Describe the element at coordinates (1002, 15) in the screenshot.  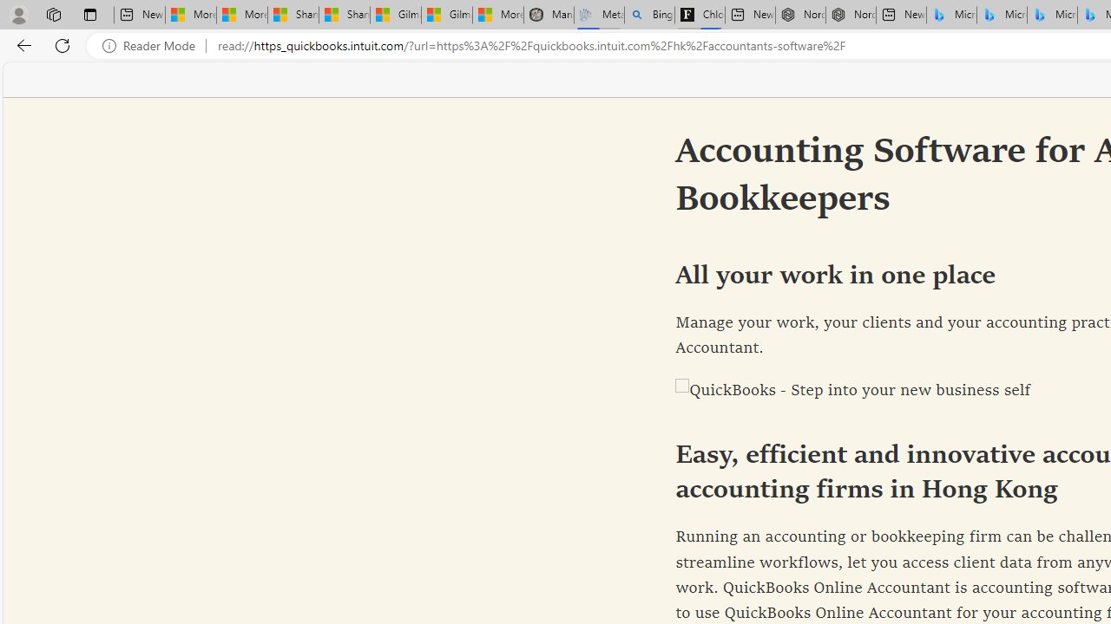
I see `'Microsoft Bing Travel - Stays in Bangkok, Bangkok, Thailand'` at that location.